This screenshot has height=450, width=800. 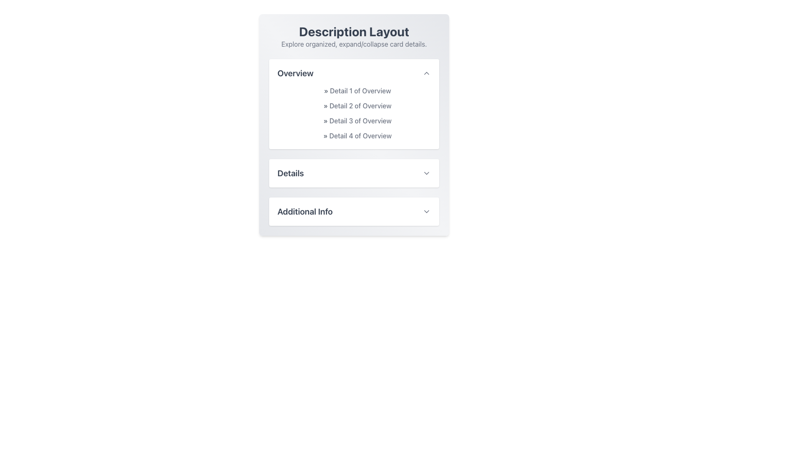 What do you see at coordinates (354, 109) in the screenshot?
I see `information presented in the structured Text List located in the 'Overview' section, positioned below the heading` at bounding box center [354, 109].